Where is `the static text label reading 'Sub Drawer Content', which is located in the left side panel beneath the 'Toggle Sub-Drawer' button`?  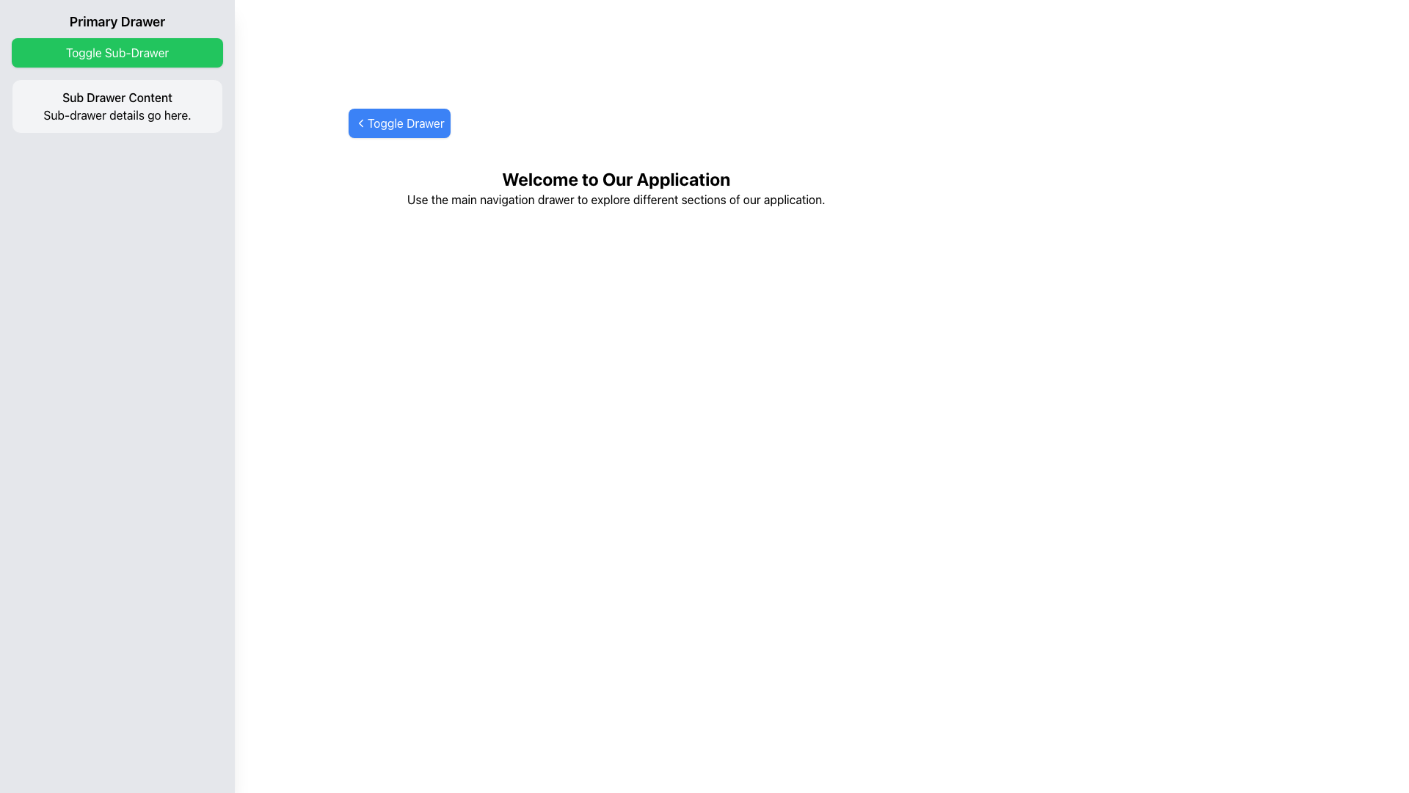 the static text label reading 'Sub Drawer Content', which is located in the left side panel beneath the 'Toggle Sub-Drawer' button is located at coordinates (116, 97).